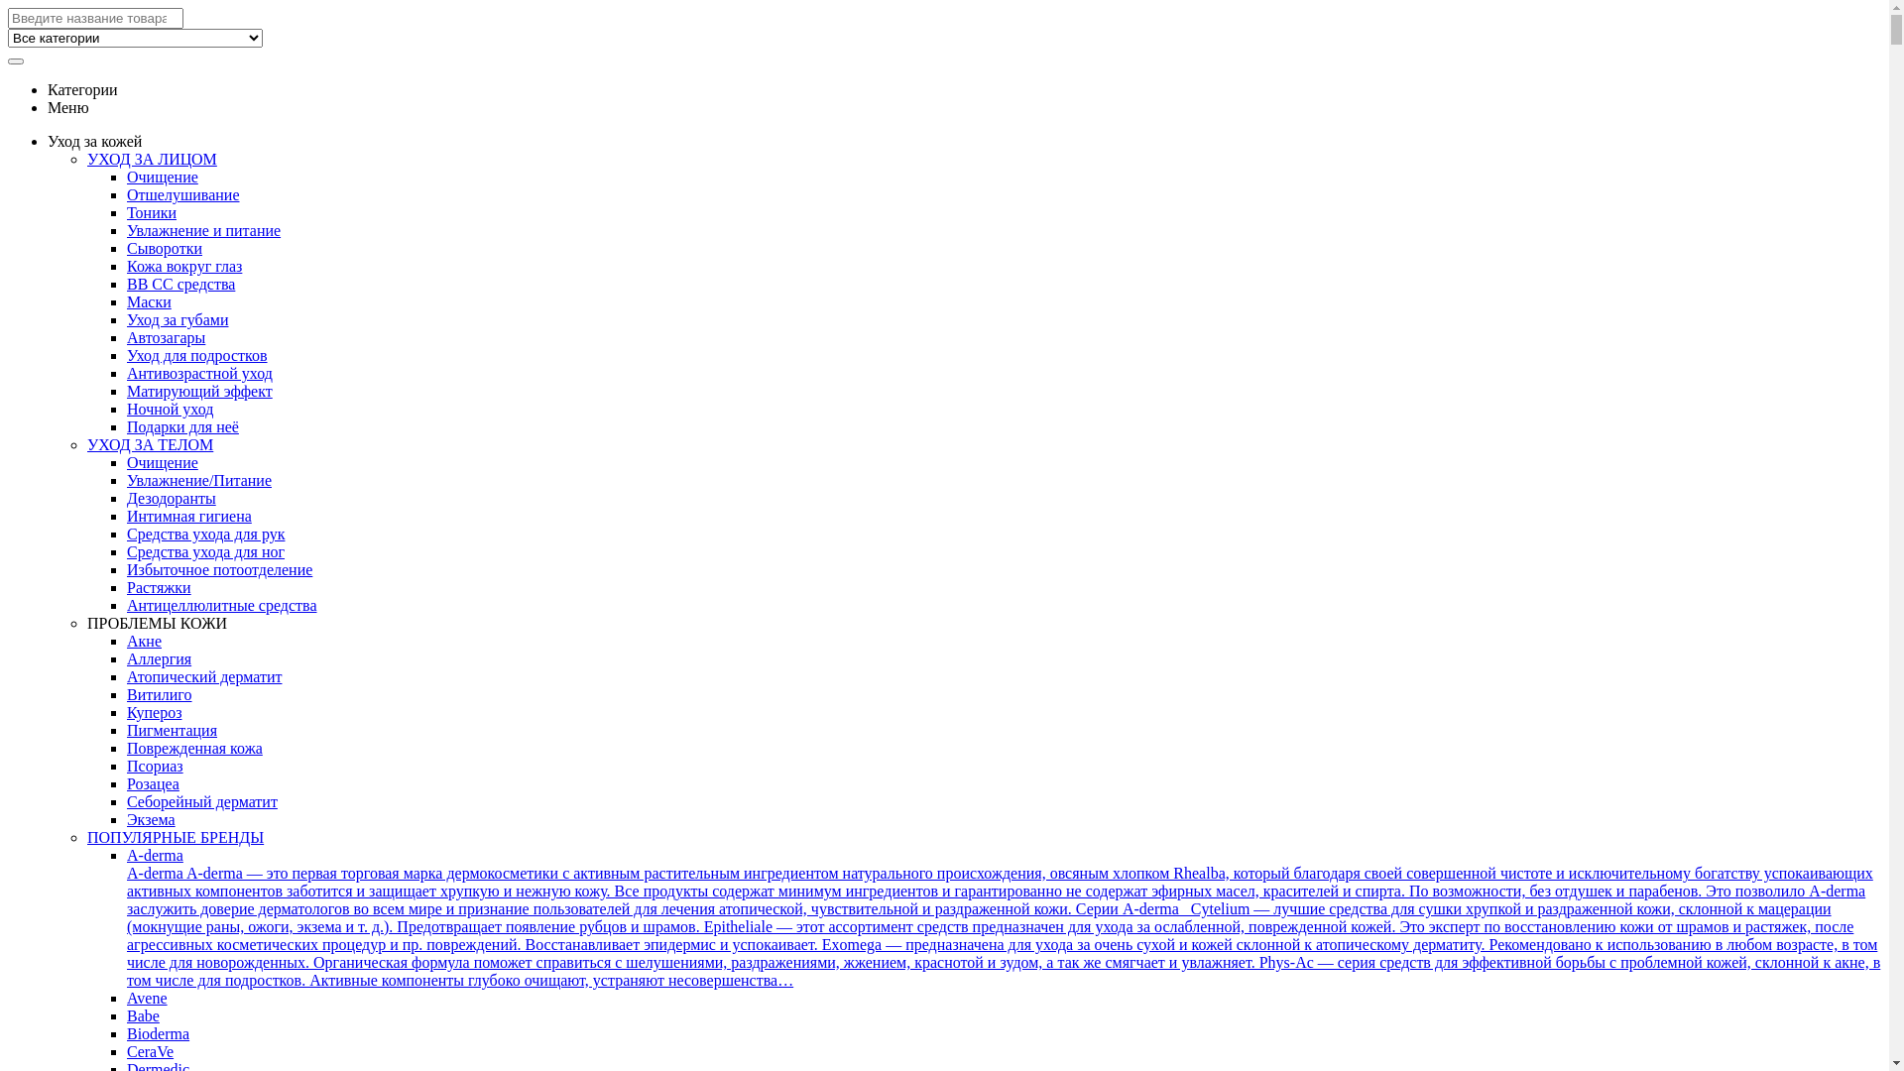  What do you see at coordinates (126, 1015) in the screenshot?
I see `'Babe'` at bounding box center [126, 1015].